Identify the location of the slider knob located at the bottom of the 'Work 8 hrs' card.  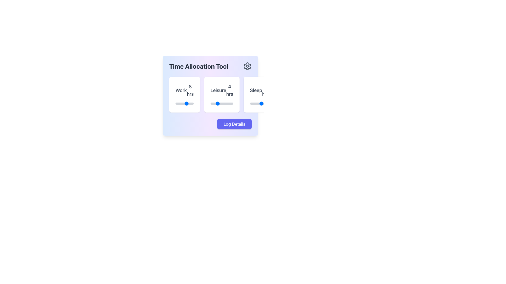
(184, 103).